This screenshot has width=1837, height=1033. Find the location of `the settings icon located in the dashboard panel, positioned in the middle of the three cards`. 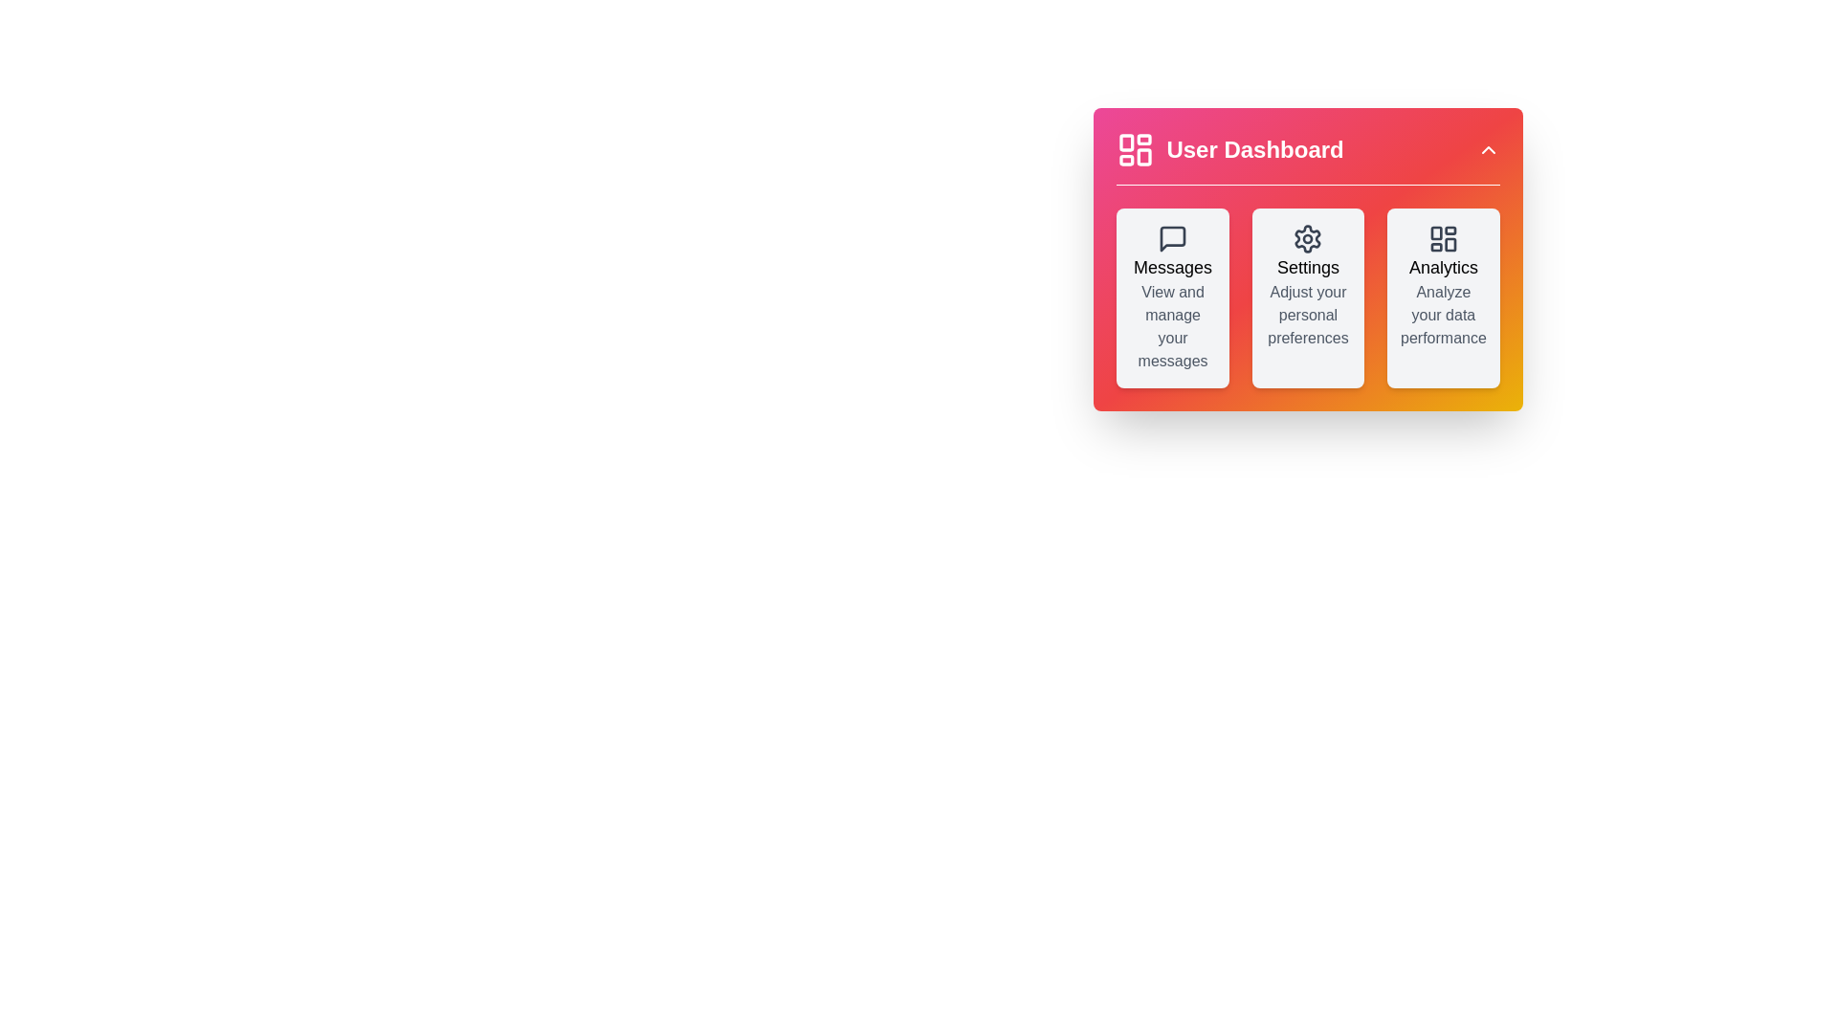

the settings icon located in the dashboard panel, positioned in the middle of the three cards is located at coordinates (1307, 238).